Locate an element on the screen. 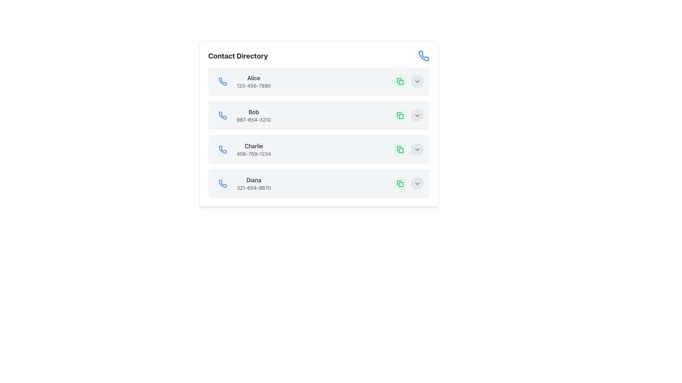  the Text Label displaying the name 'Bob' in bold black text, which is located in the second entry of the contact list above the phone number '987-654-3210 is located at coordinates (254, 112).